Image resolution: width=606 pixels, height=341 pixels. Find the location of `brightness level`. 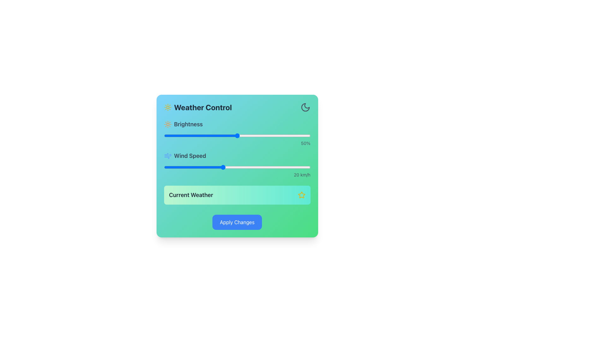

brightness level is located at coordinates (258, 135).